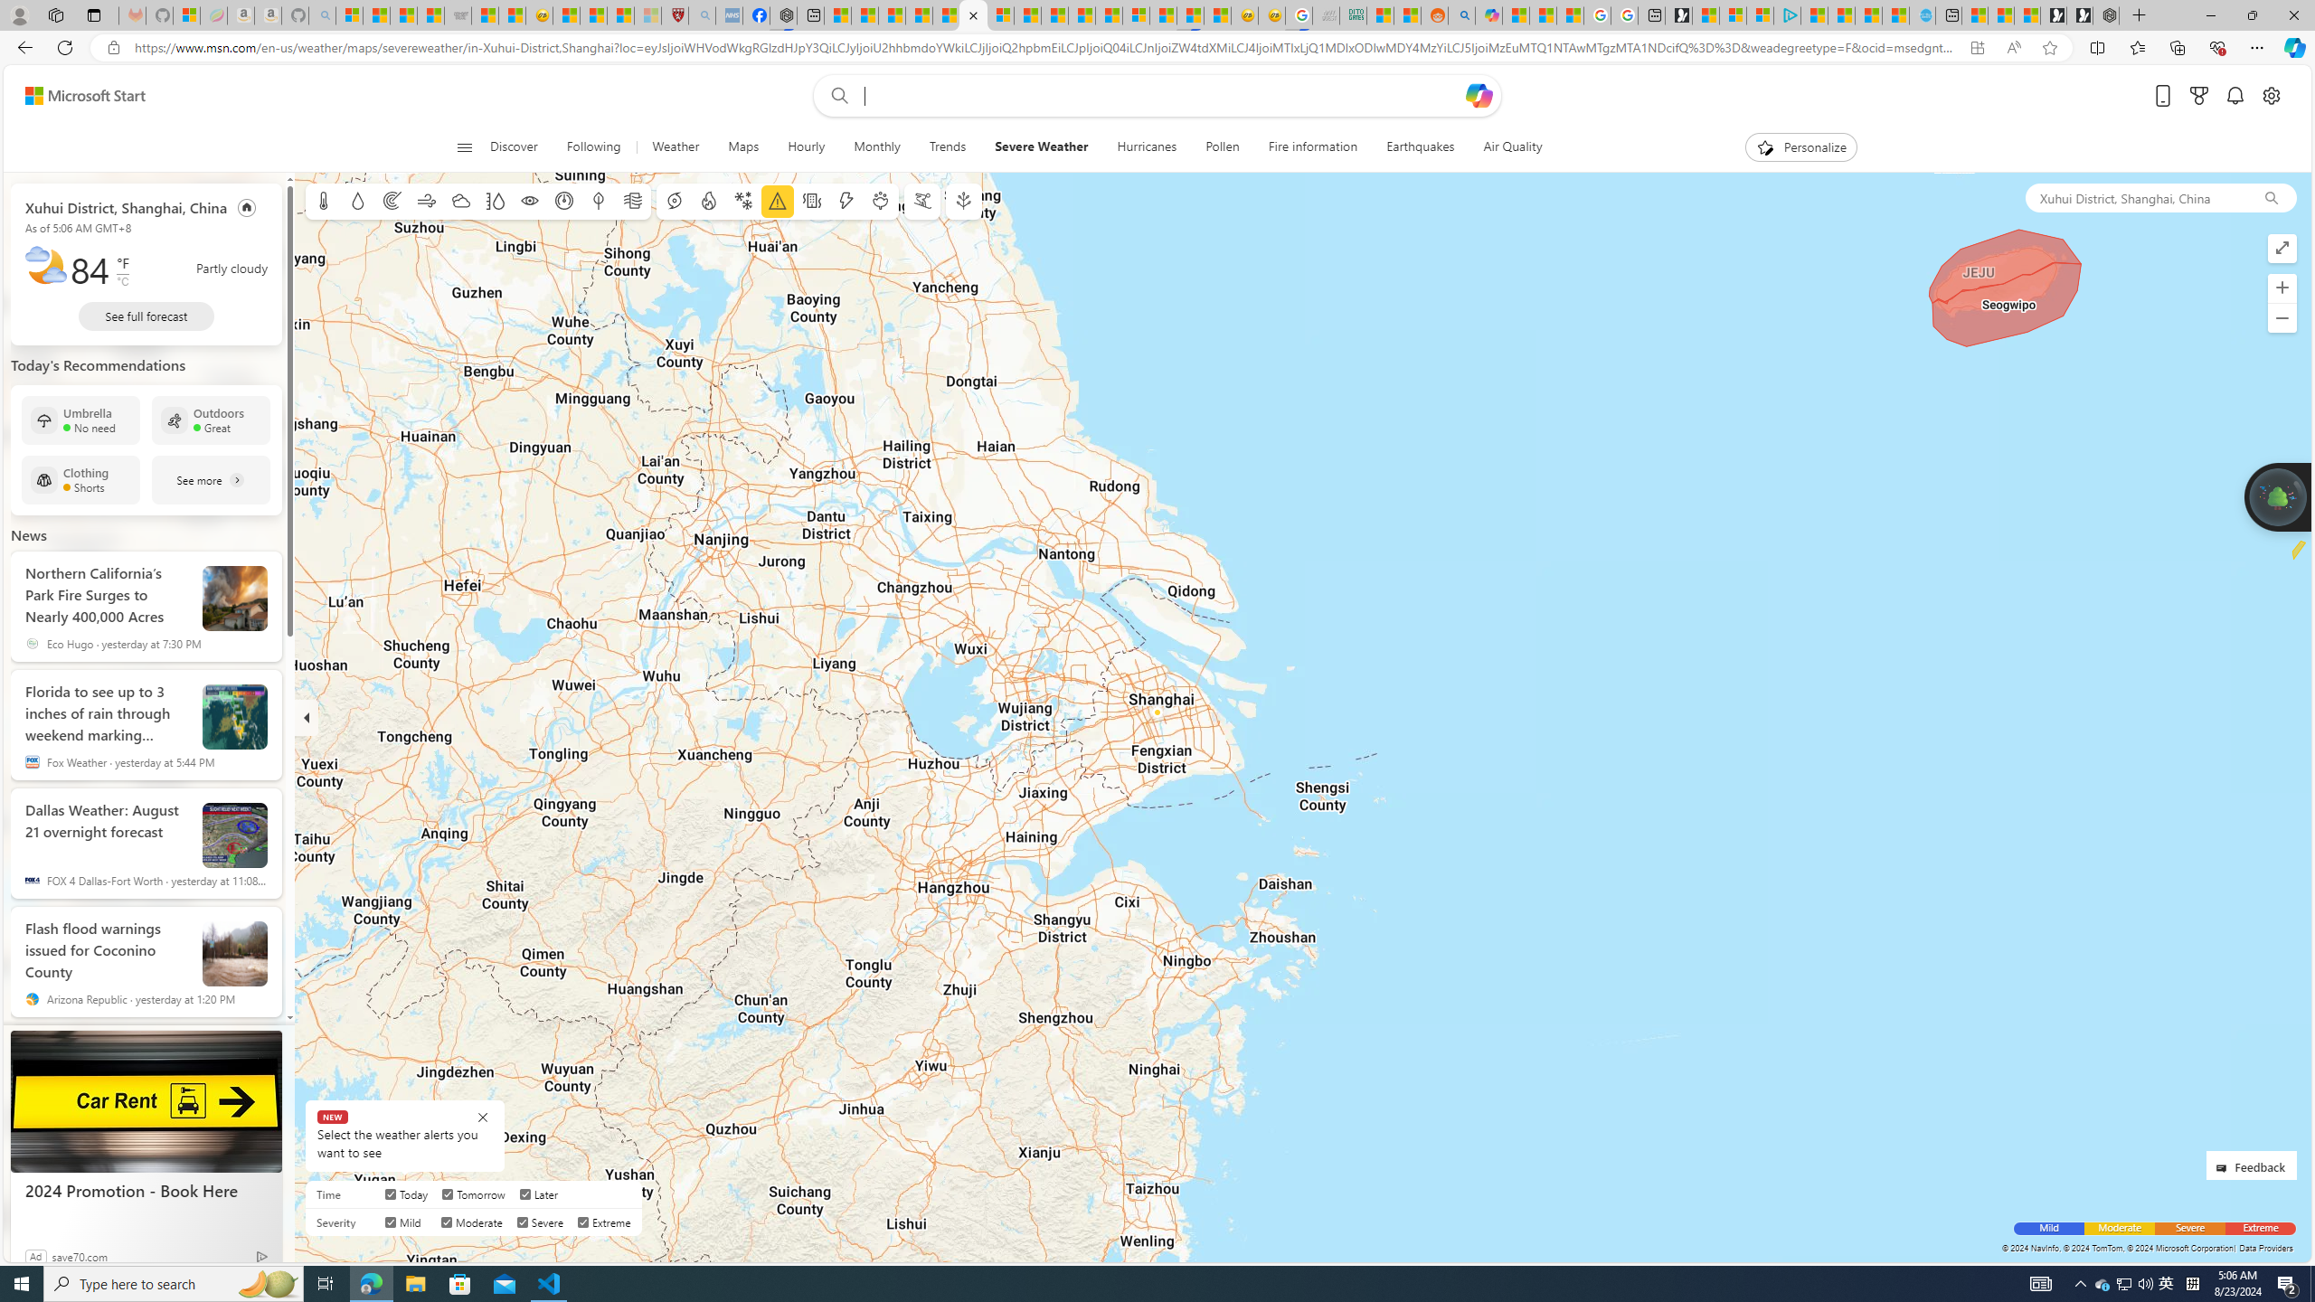 This screenshot has height=1302, width=2315. Describe the element at coordinates (107, 946) in the screenshot. I see `'Flash flood warnings issued for Coconino County'` at that location.